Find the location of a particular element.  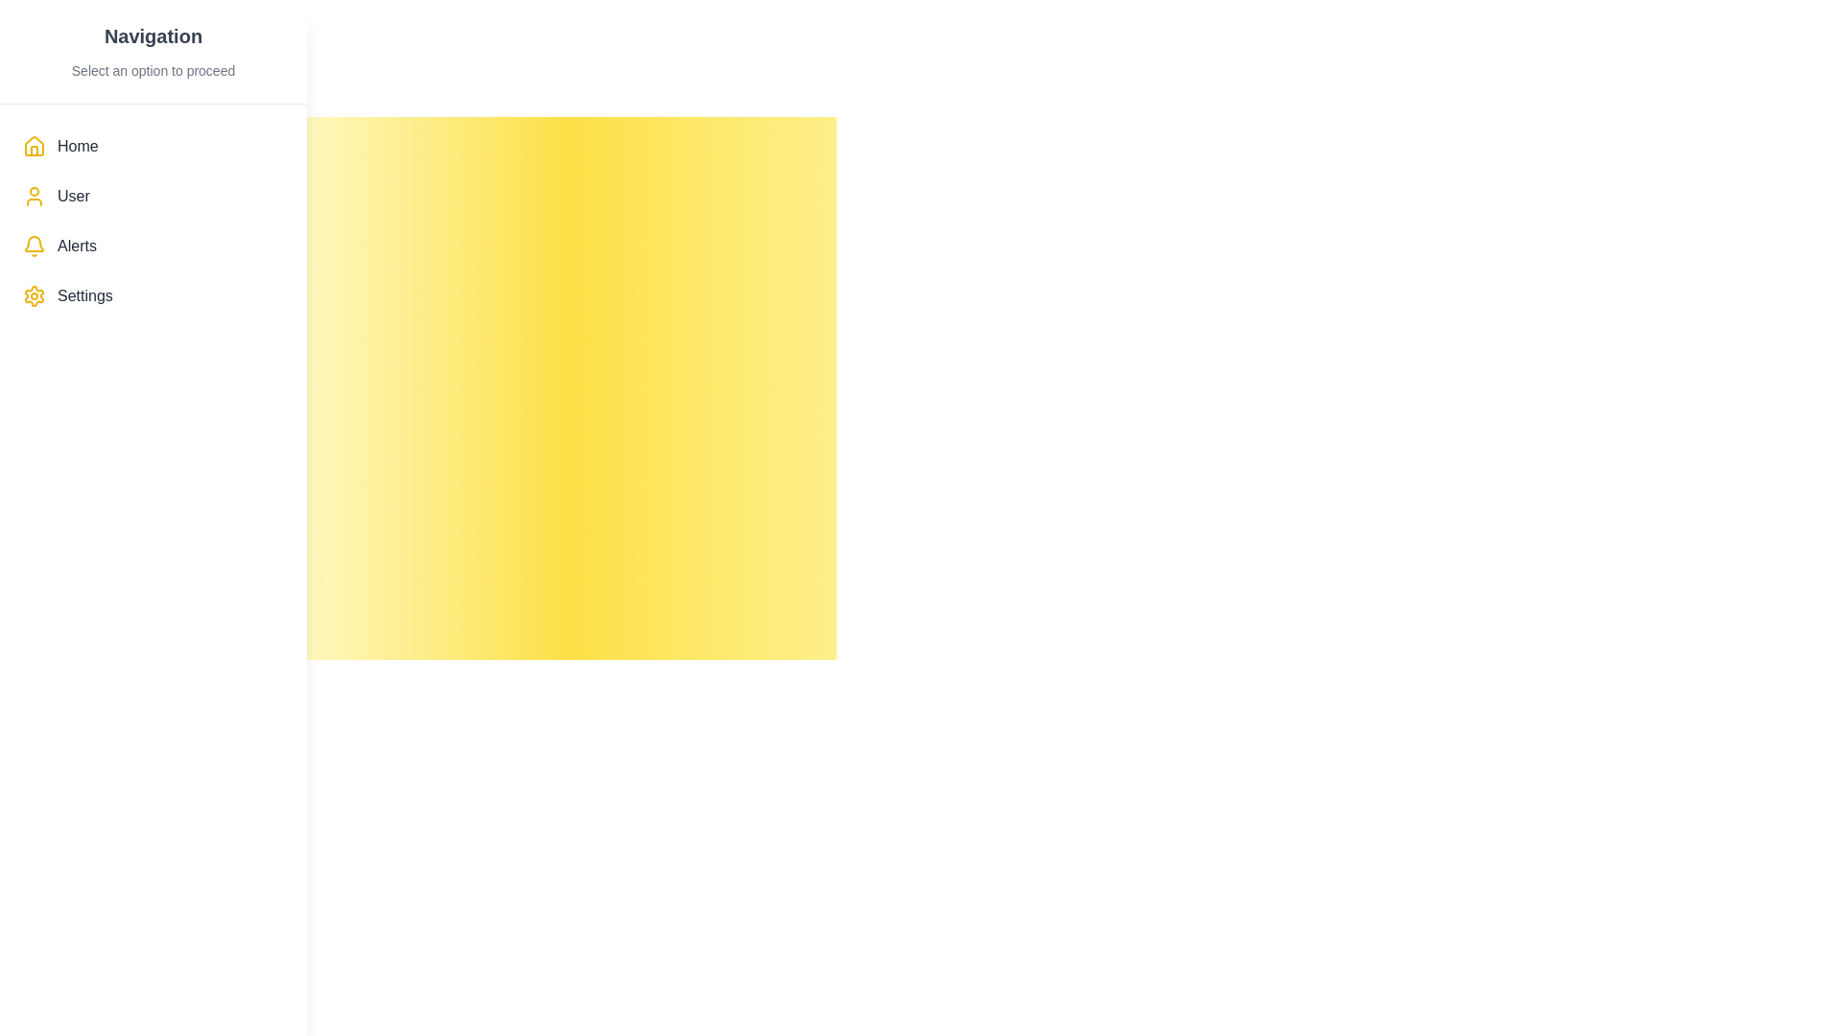

the circular button with a white background located at the top-left corner of the interface is located at coordinates (37, 37).